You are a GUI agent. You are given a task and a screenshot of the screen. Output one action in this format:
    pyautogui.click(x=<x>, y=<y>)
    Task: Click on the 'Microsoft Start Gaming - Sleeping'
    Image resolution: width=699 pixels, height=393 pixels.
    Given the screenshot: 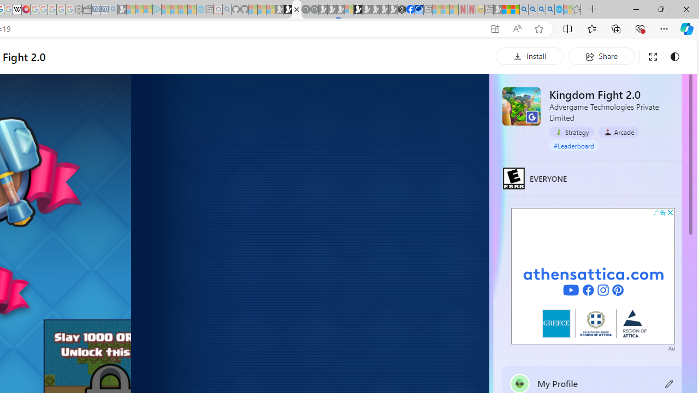 What is the action you would take?
    pyautogui.click(x=122, y=9)
    